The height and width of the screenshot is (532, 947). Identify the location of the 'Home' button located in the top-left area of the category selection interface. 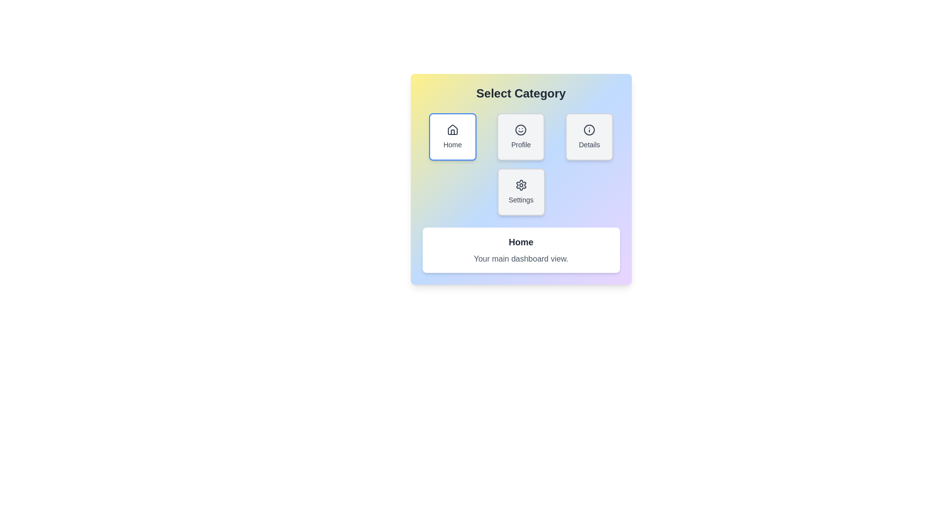
(452, 129).